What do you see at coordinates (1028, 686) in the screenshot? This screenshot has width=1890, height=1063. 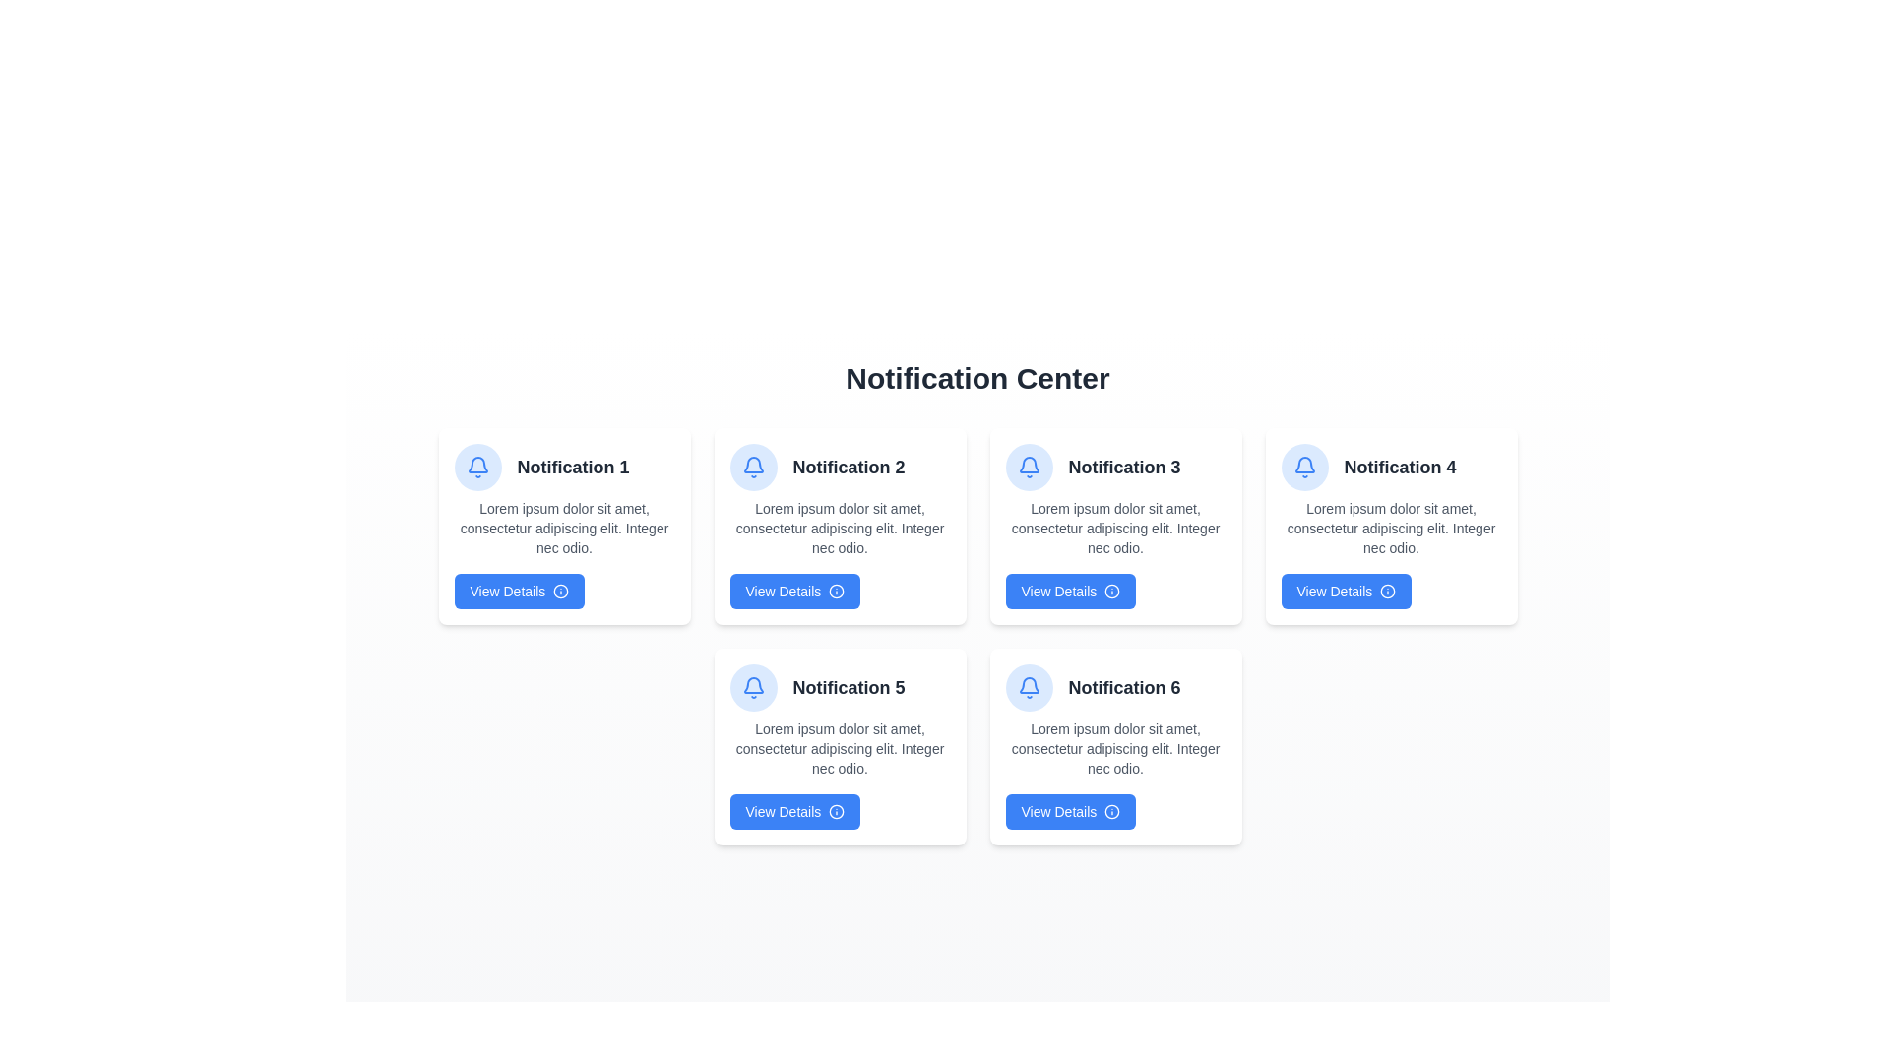 I see `the notification icon located in the sixth notification card under the title 'Notification 6'` at bounding box center [1028, 686].